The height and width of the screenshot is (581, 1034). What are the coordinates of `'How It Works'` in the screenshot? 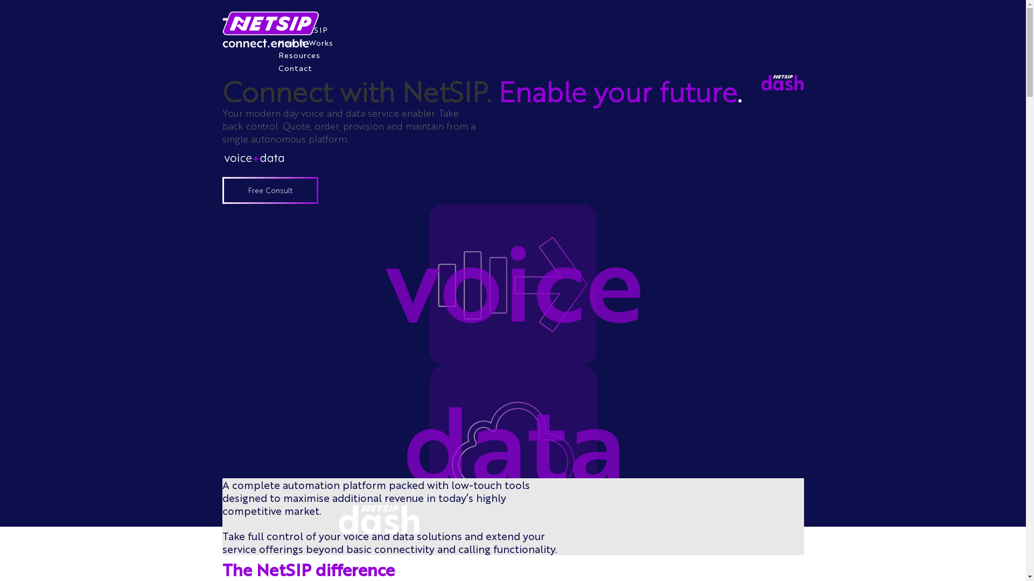 It's located at (304, 41).